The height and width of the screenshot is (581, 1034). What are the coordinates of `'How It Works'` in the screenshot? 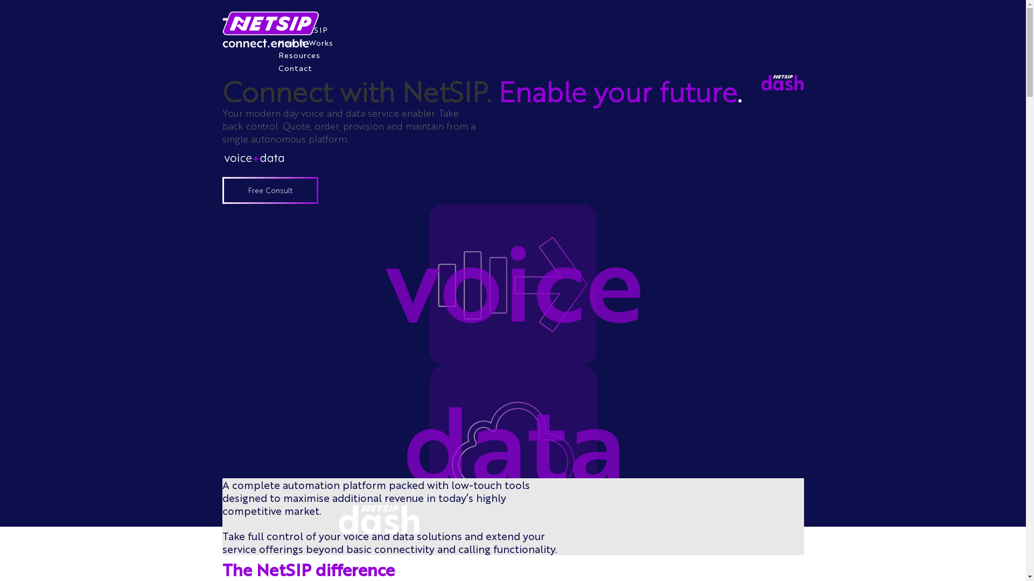 It's located at (304, 41).